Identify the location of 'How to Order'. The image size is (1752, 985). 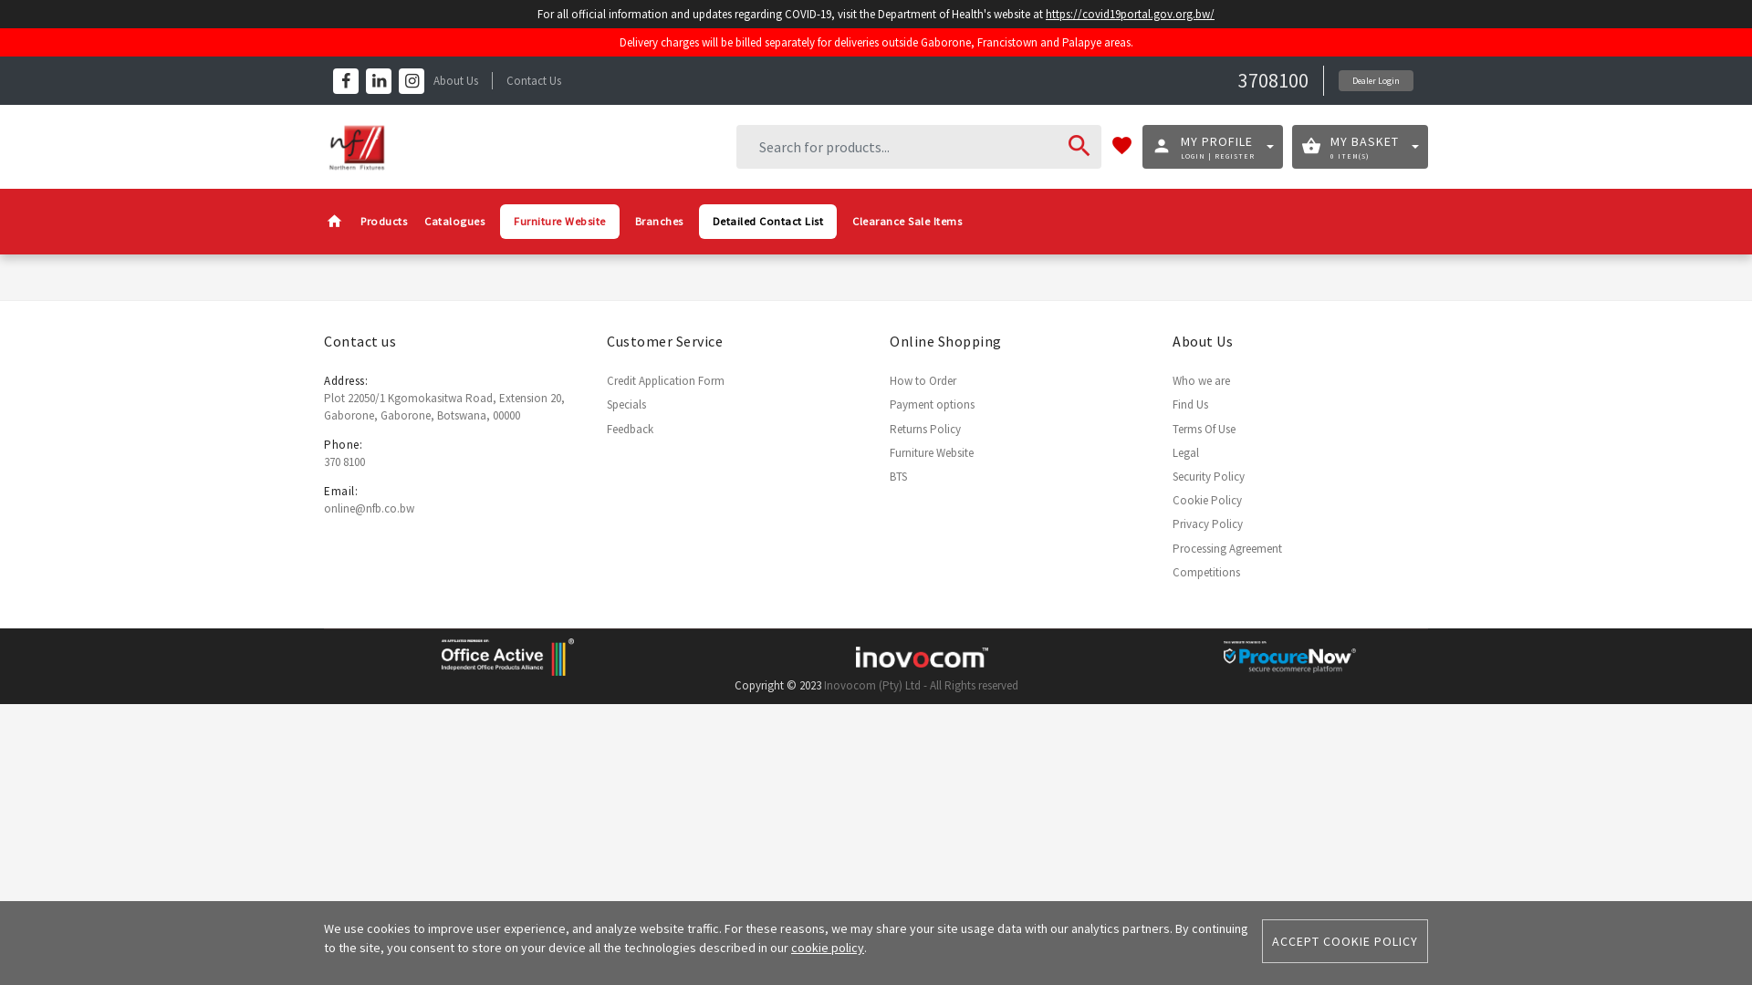
(923, 379).